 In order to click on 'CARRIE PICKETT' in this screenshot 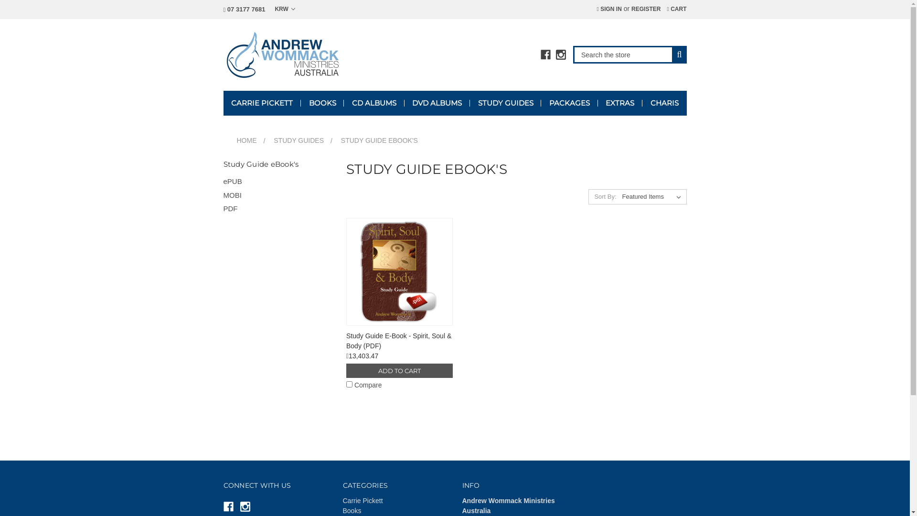, I will do `click(262, 103)`.